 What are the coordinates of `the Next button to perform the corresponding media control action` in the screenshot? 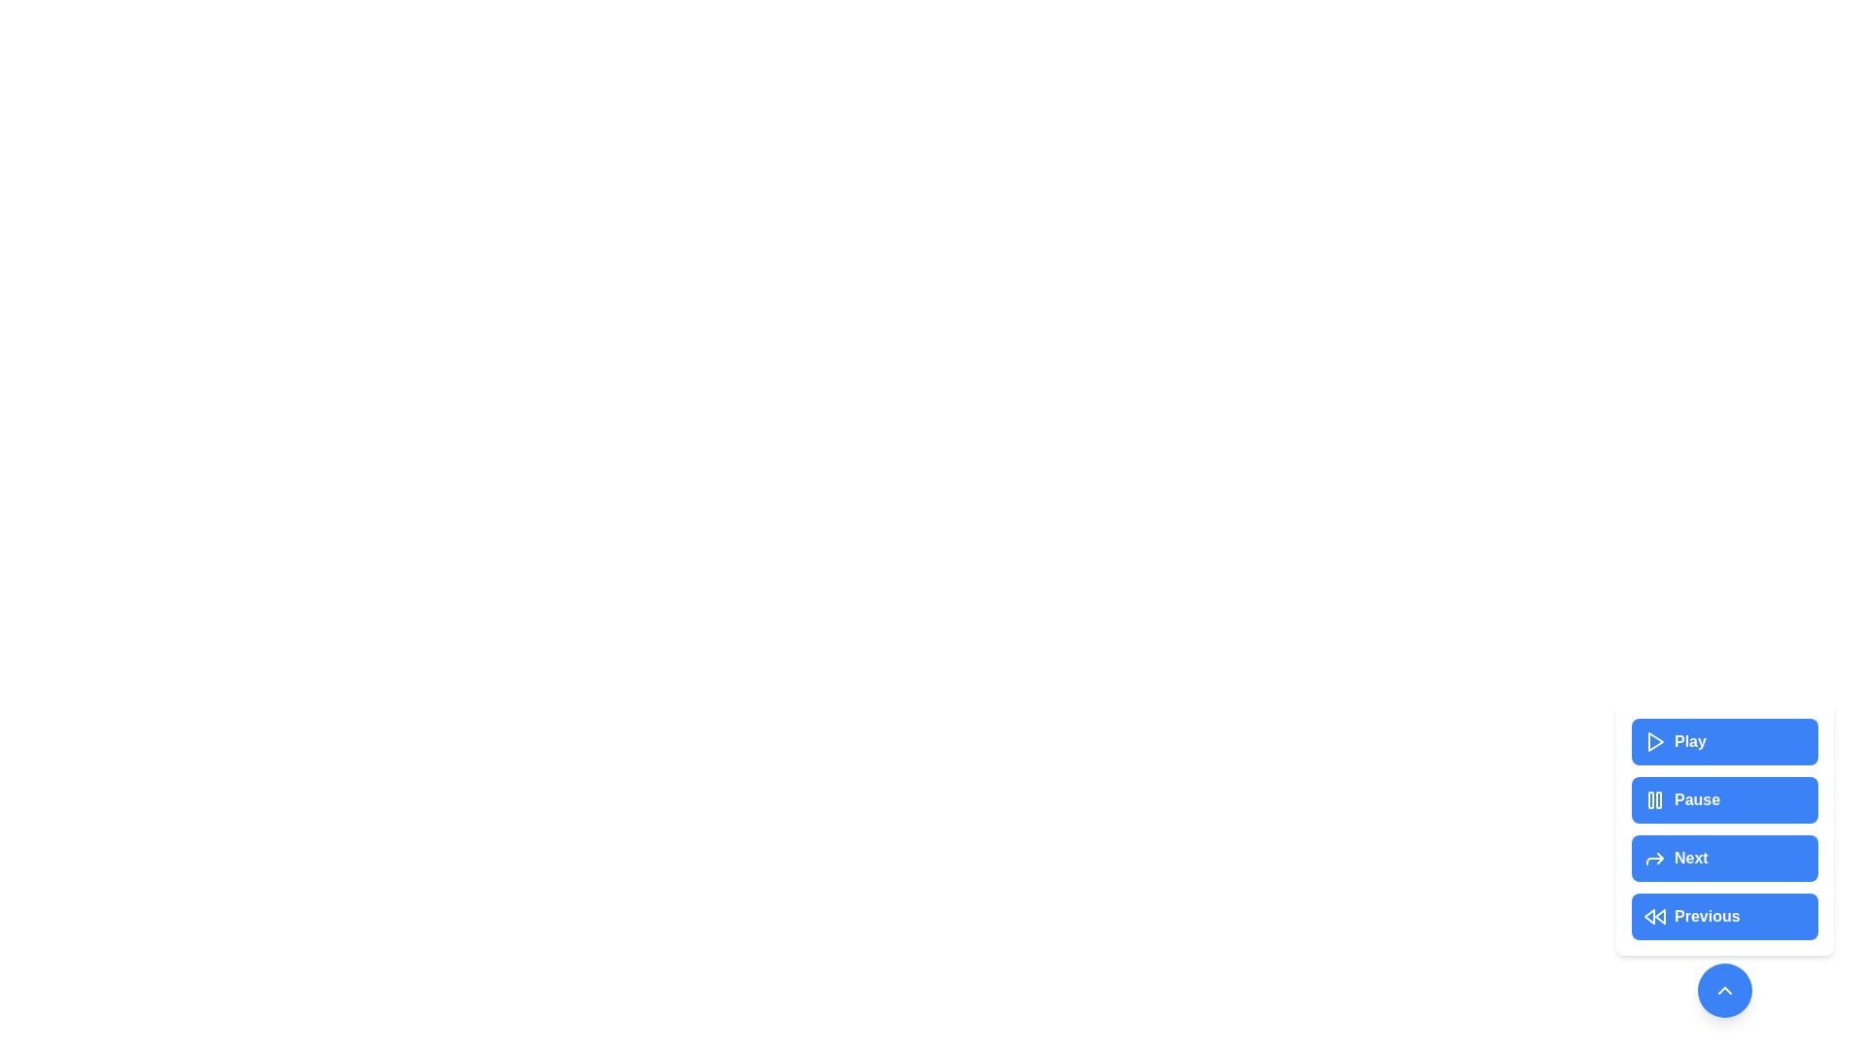 It's located at (1725, 857).